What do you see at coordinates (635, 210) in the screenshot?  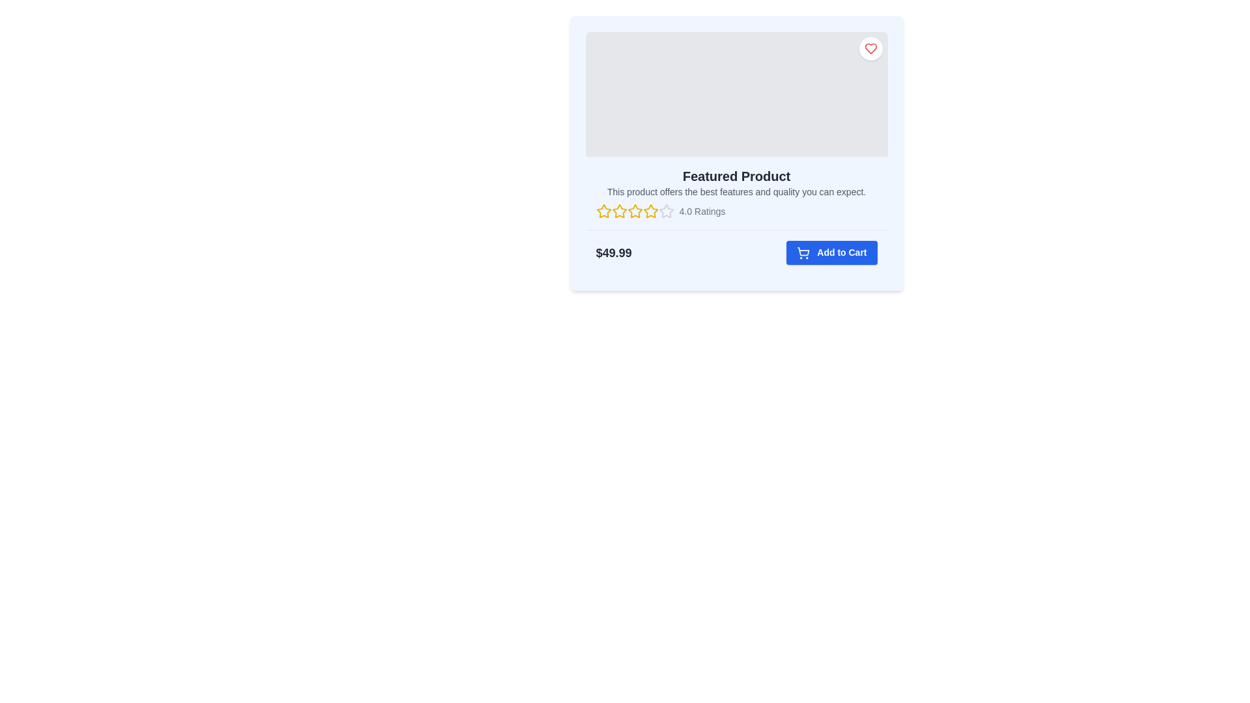 I see `the second rating star, which is a star-shaped icon with a yellow outline and a hollow center, to rate with 2 stars` at bounding box center [635, 210].